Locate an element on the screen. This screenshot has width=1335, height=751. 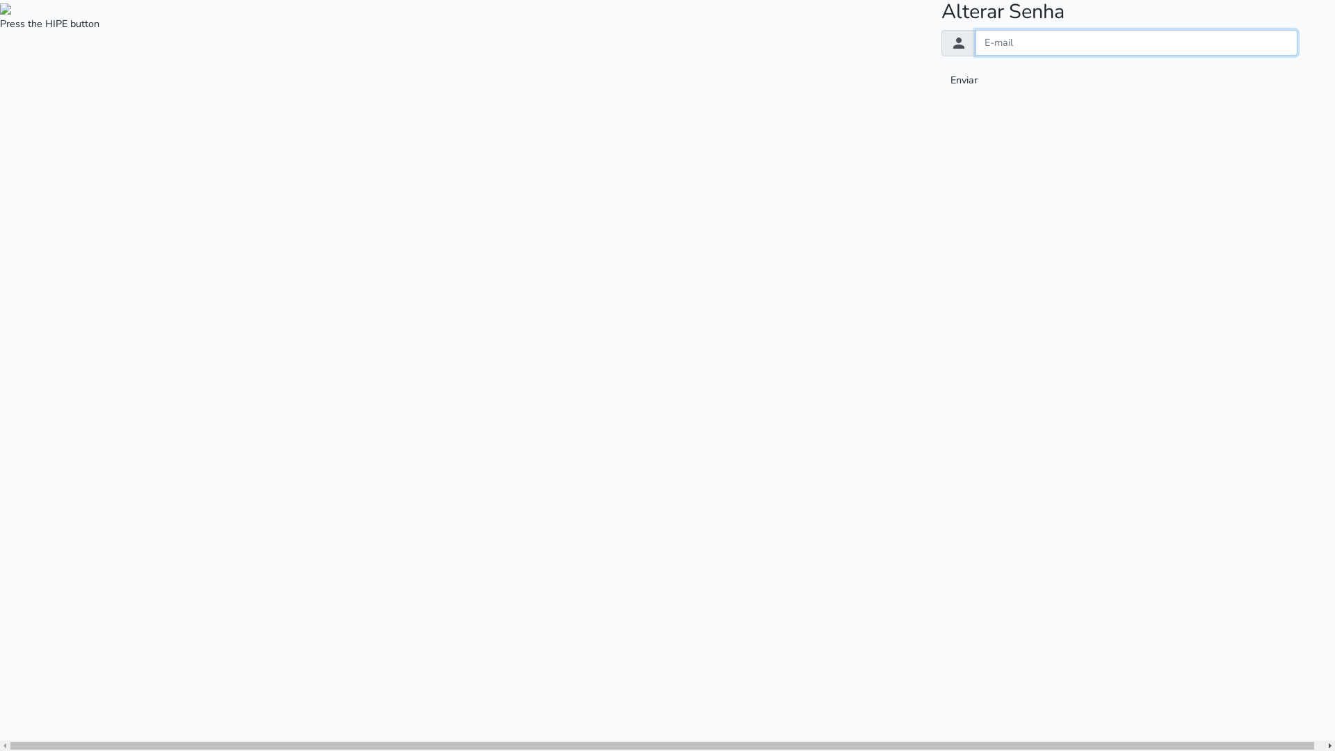
'Enviar' is located at coordinates (963, 80).